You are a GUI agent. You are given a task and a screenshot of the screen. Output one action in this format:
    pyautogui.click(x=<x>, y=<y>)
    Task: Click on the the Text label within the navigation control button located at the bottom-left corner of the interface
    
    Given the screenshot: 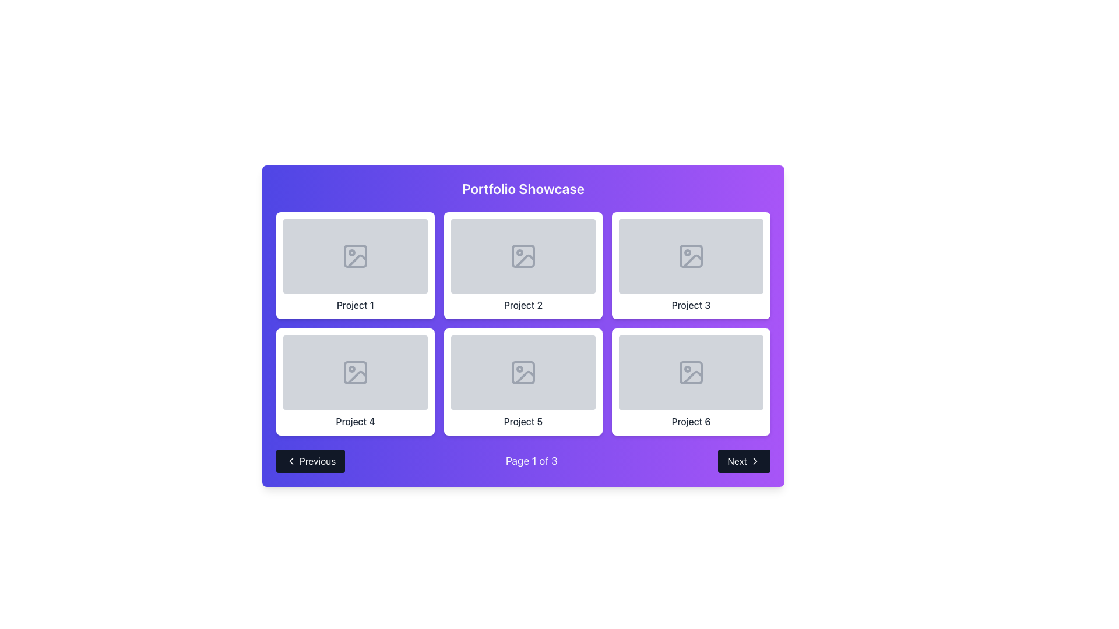 What is the action you would take?
    pyautogui.click(x=318, y=460)
    